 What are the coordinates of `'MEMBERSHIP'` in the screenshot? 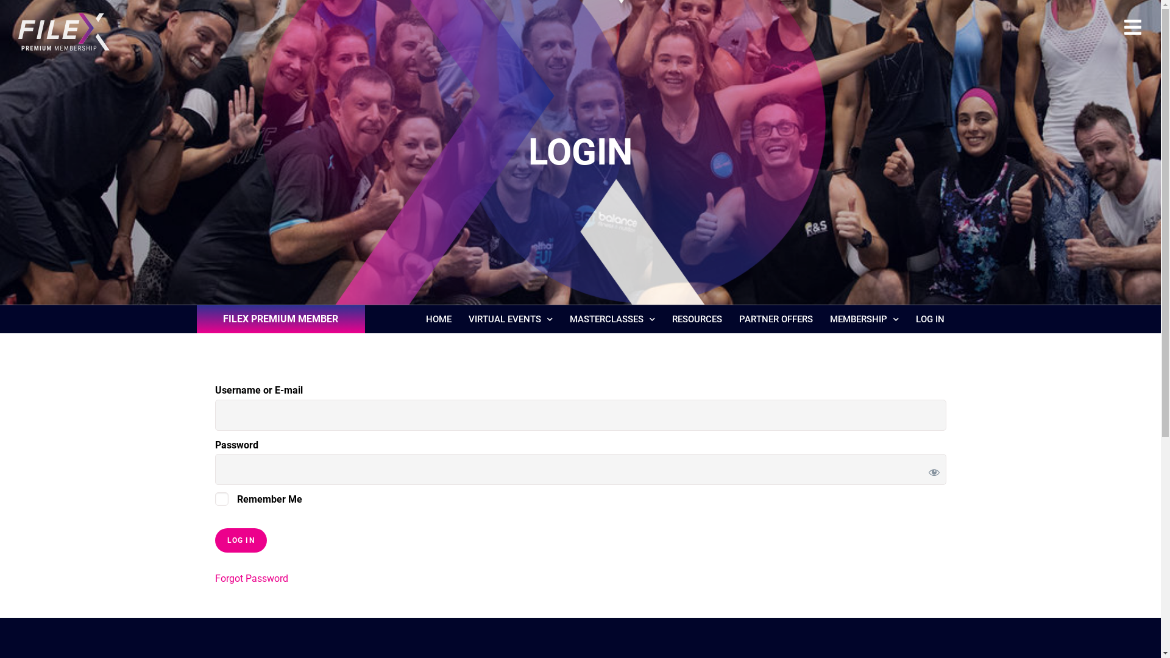 It's located at (863, 319).